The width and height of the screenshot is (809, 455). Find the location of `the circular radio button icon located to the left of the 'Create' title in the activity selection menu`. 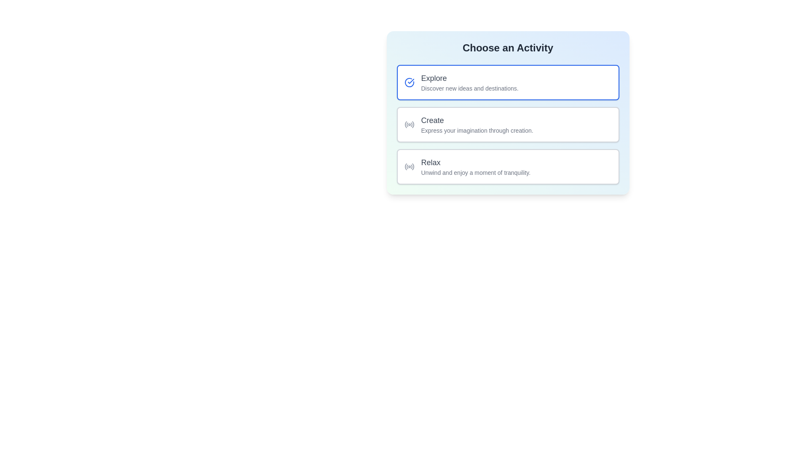

the circular radio button icon located to the left of the 'Create' title in the activity selection menu is located at coordinates (409, 125).